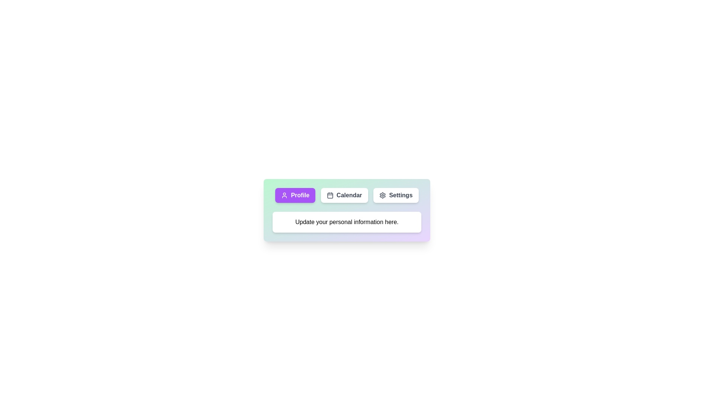 The image size is (714, 402). Describe the element at coordinates (284, 195) in the screenshot. I see `the user silhouette icon located within the 'Profile' button, which is the first button in a horizontally aligned group of buttons including 'Calendar' and 'Settings'` at that location.